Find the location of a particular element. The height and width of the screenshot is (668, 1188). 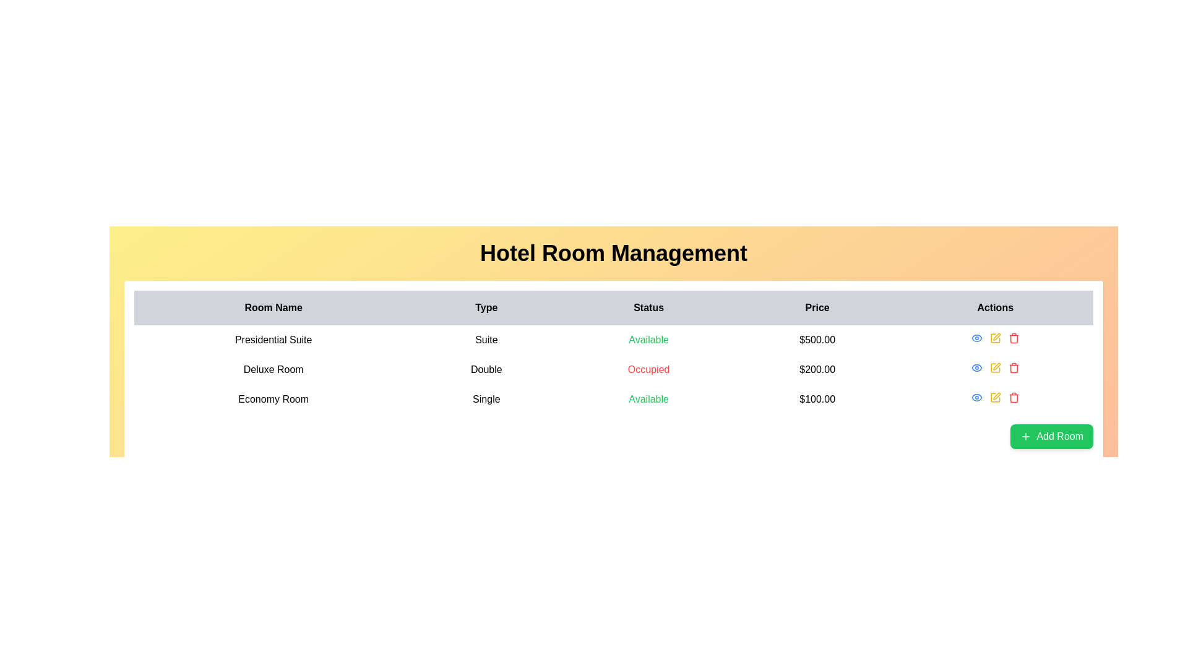

text from the label in the second row under the 'Room Name' column of the table layout is located at coordinates (273, 369).